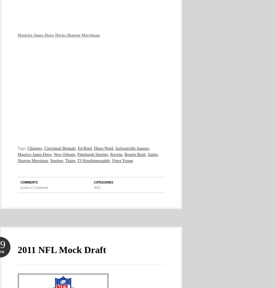 The height and width of the screenshot is (288, 276). What do you see at coordinates (77, 160) in the screenshot?
I see `'TJ Houshmenzadeh'` at bounding box center [77, 160].